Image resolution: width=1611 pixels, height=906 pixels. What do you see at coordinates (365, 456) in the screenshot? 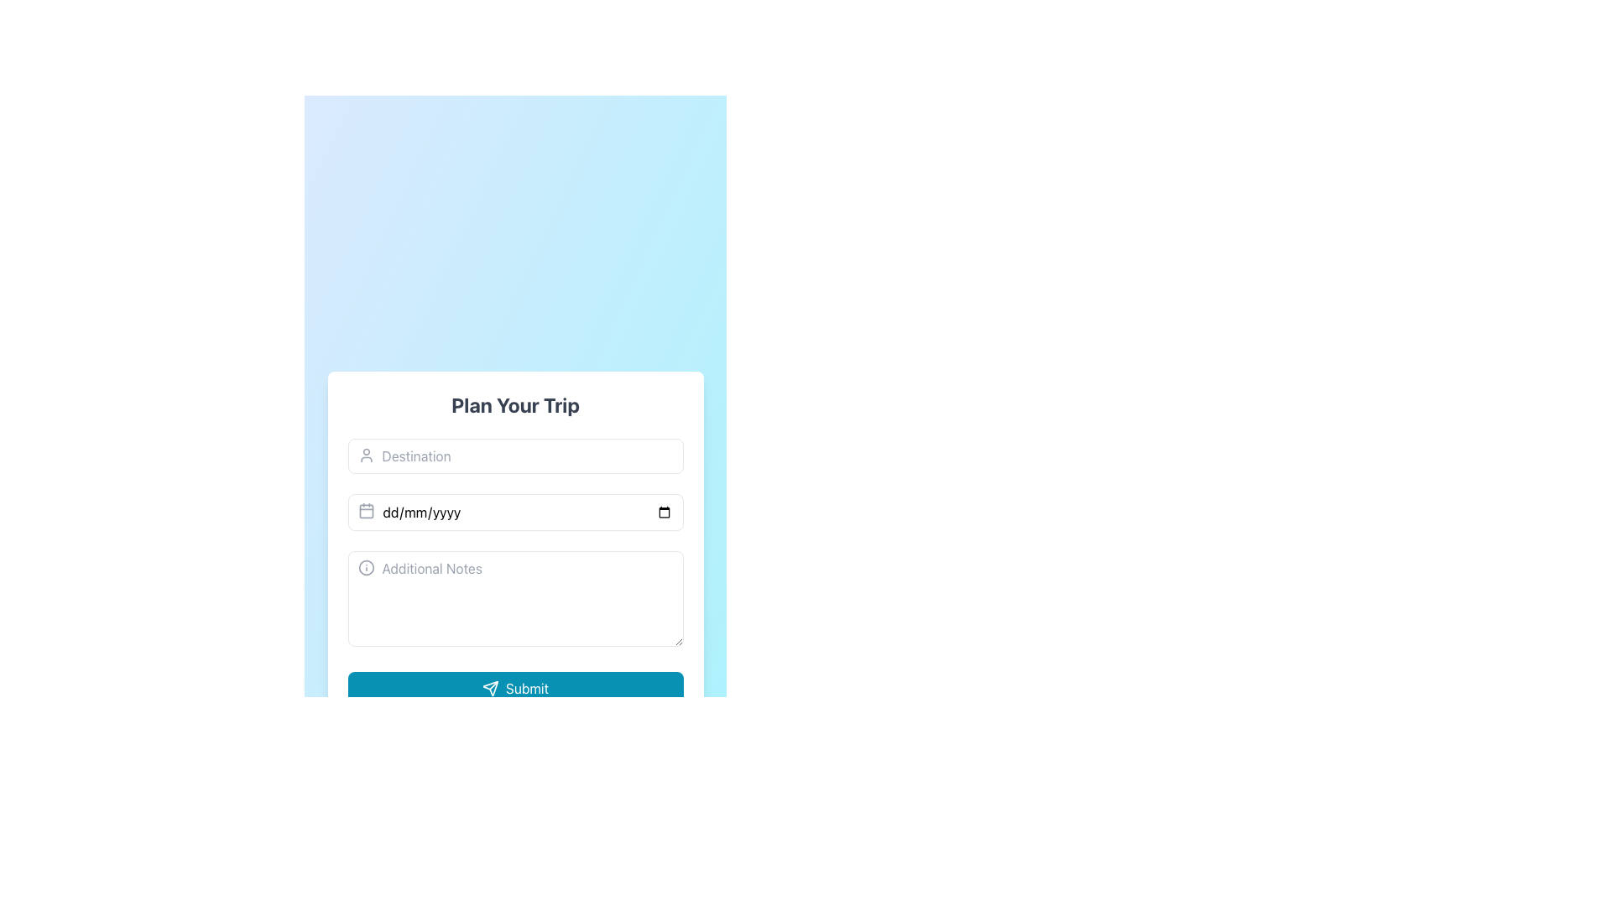
I see `the icon representing the input field for the 'Destination' text entry, which is positioned to the left of the text input field in the first row of the form` at bounding box center [365, 456].